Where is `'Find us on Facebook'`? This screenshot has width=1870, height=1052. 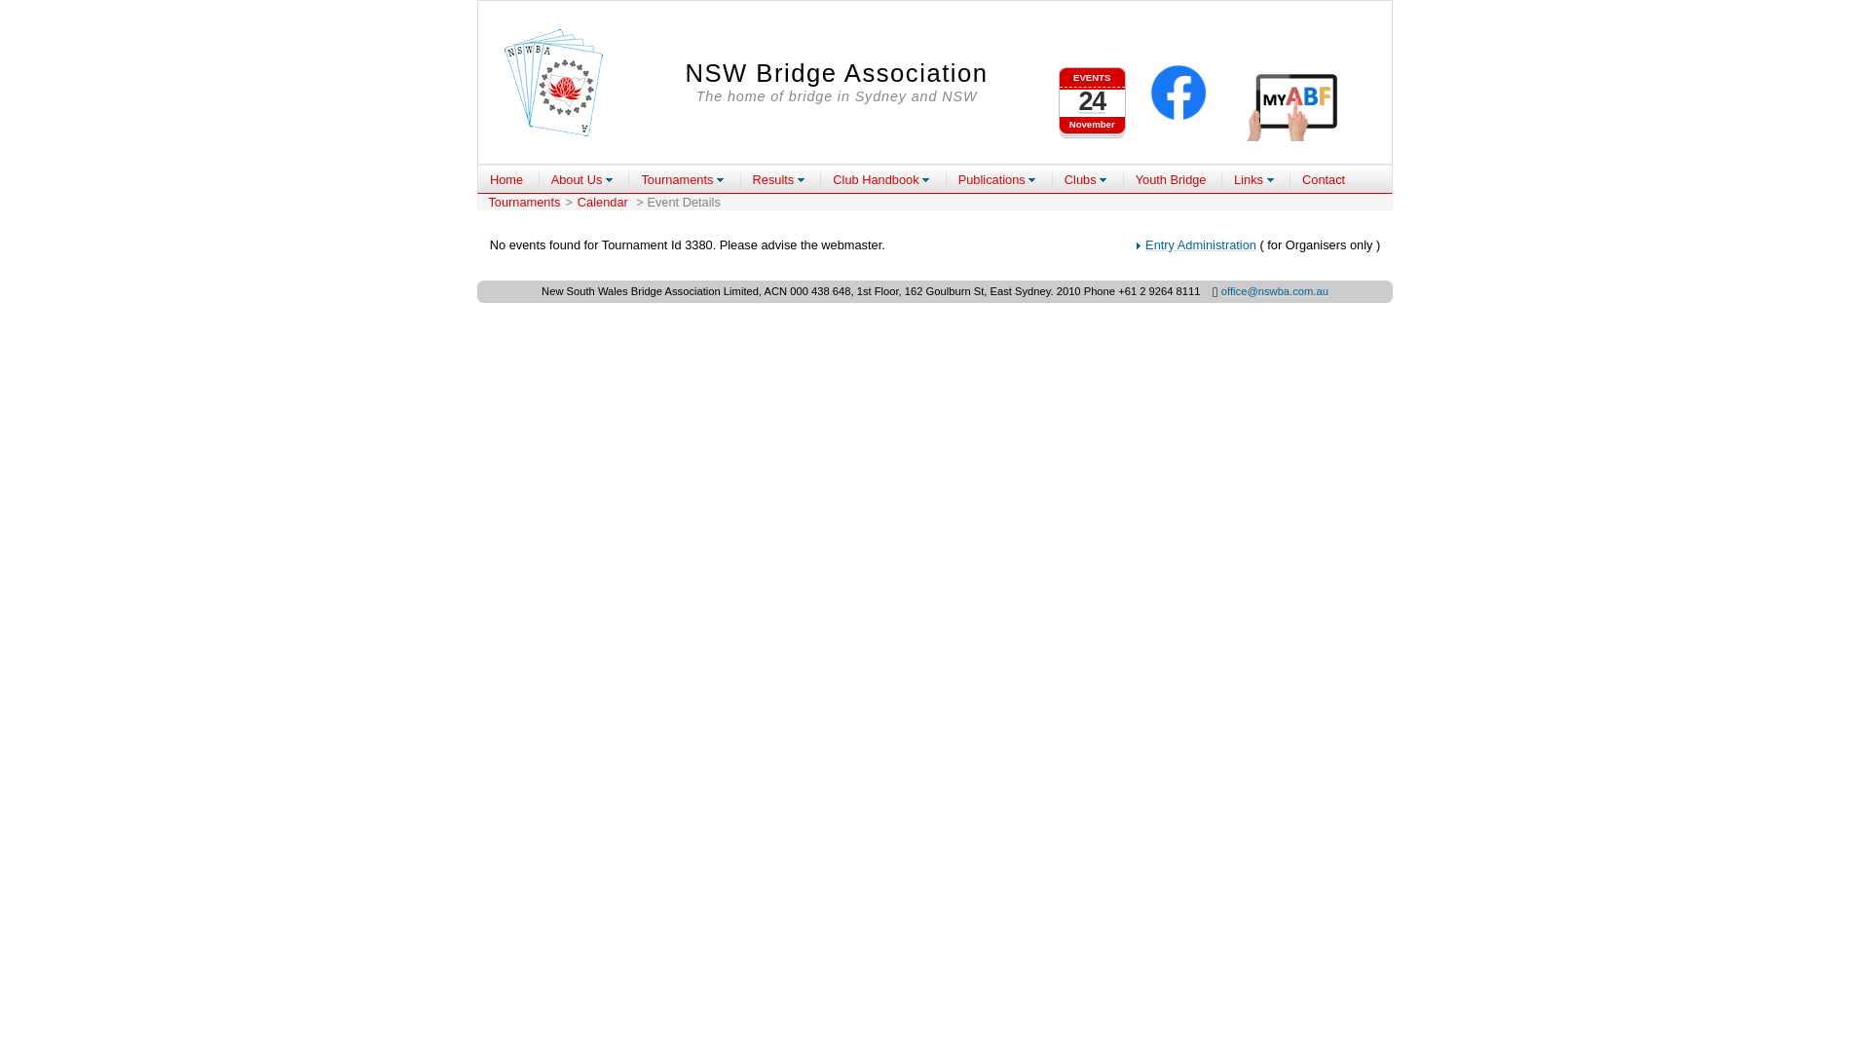
'Find us on Facebook' is located at coordinates (1177, 94).